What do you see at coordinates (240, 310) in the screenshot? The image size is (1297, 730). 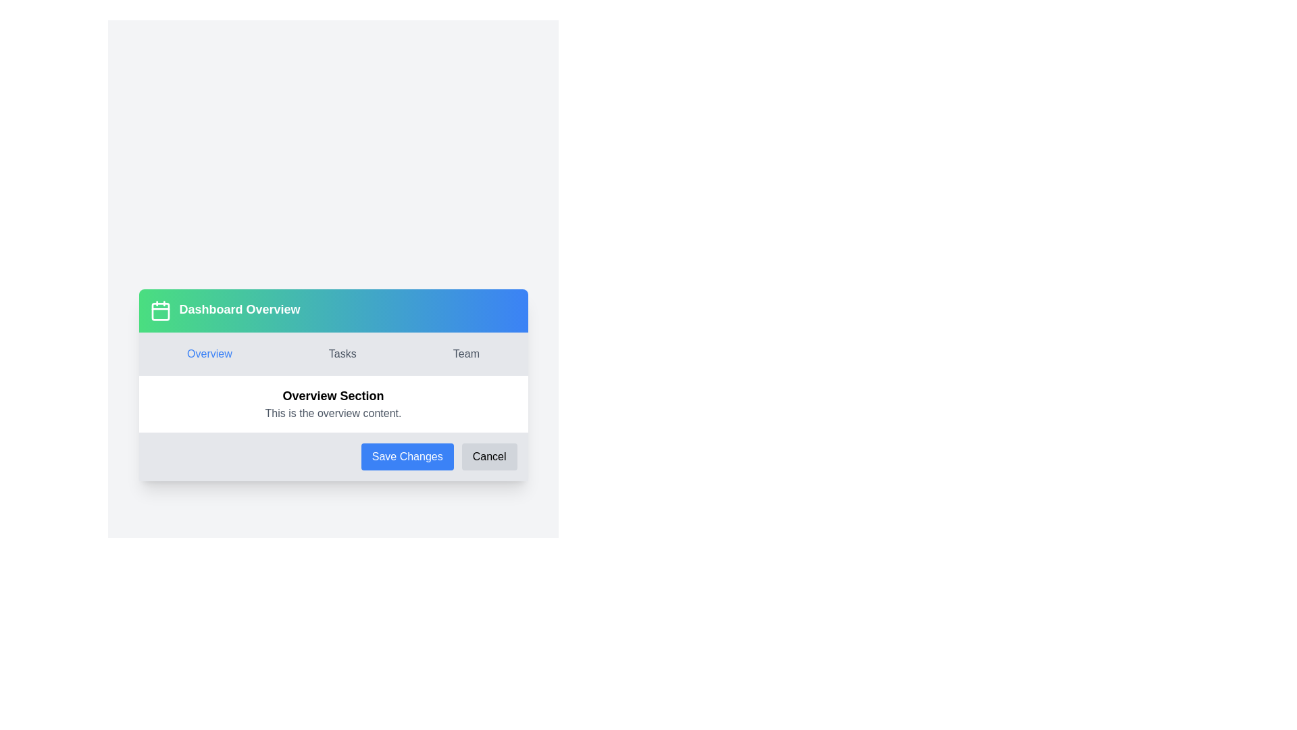 I see `the 'Dashboard Overview' label, which serves as a heading in the upper-centered section of the header bar, located to the right of the calendar icon` at bounding box center [240, 310].